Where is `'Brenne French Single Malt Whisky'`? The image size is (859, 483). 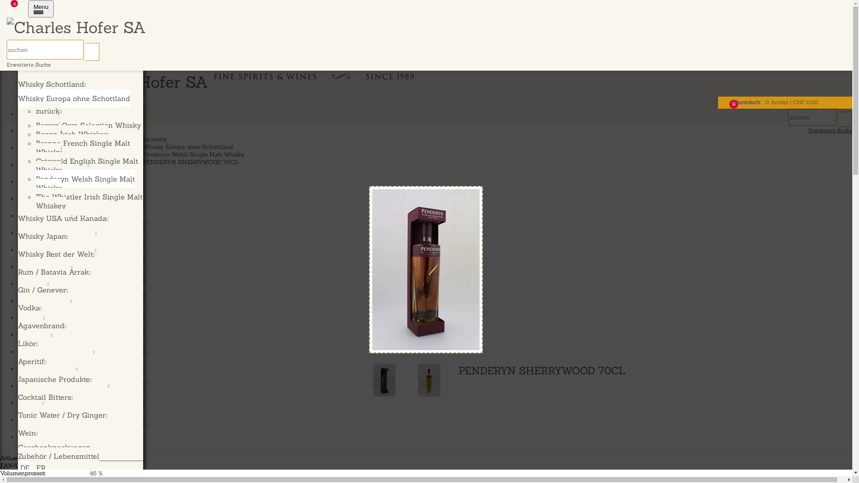 'Brenne French Single Malt Whisky' is located at coordinates (83, 147).